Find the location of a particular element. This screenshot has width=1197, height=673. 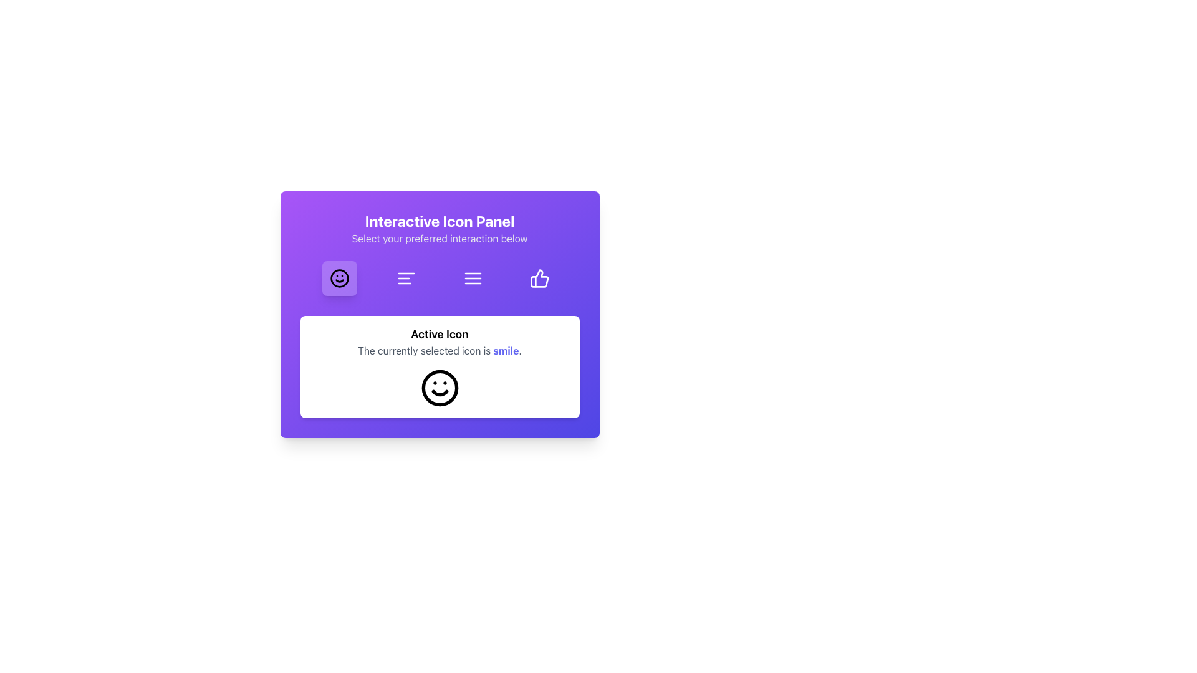

the 'menu' icon with a purple background and three horizontal lines, located in the middle section of the 'Interactive Icon Panel' is located at coordinates (472, 278).